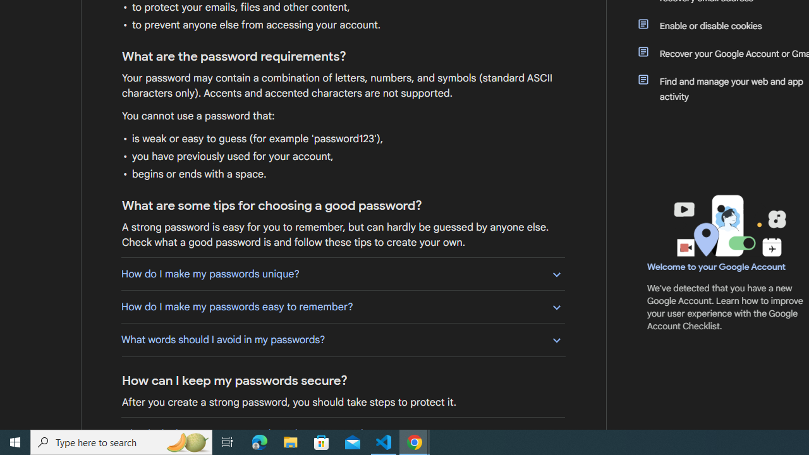 The image size is (809, 455). I want to click on 'What words should I avoid in my passwords?', so click(343, 339).